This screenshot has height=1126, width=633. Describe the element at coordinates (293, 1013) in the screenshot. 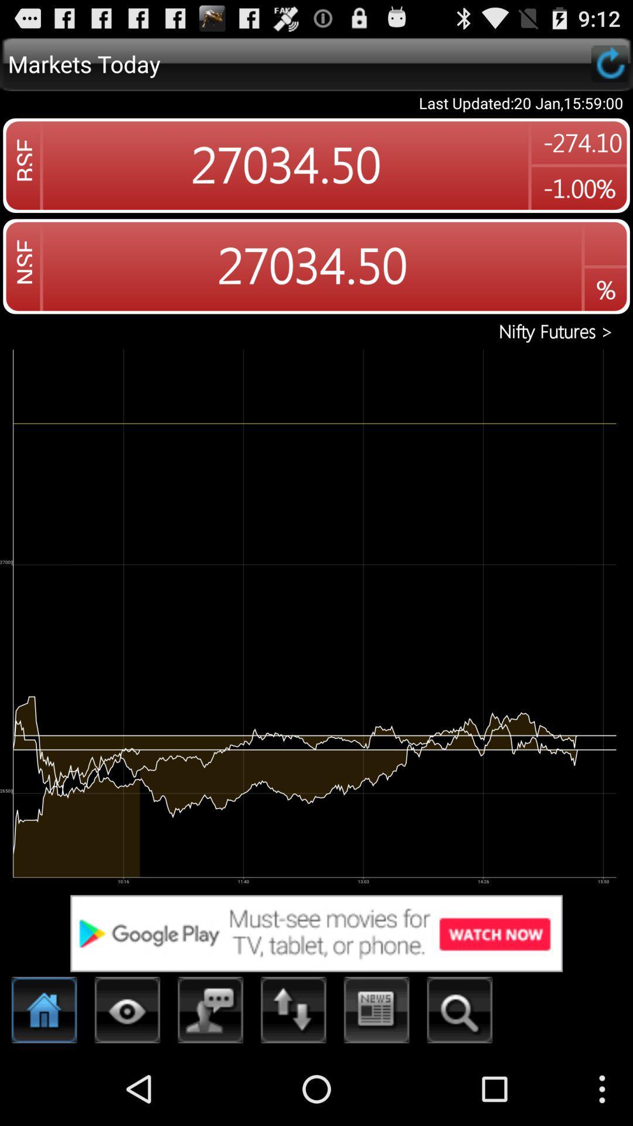

I see `move up/down` at that location.